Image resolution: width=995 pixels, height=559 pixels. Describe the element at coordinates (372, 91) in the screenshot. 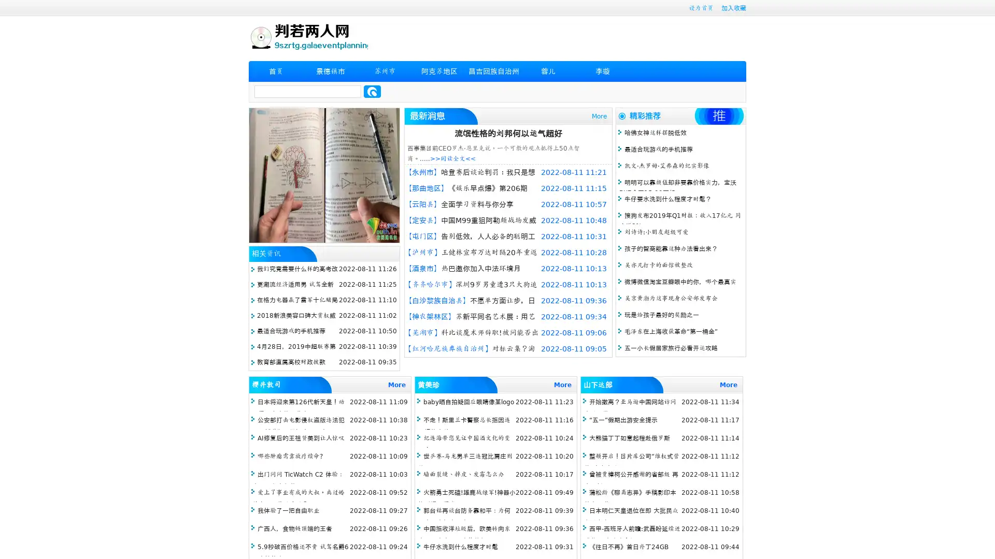

I see `Search` at that location.